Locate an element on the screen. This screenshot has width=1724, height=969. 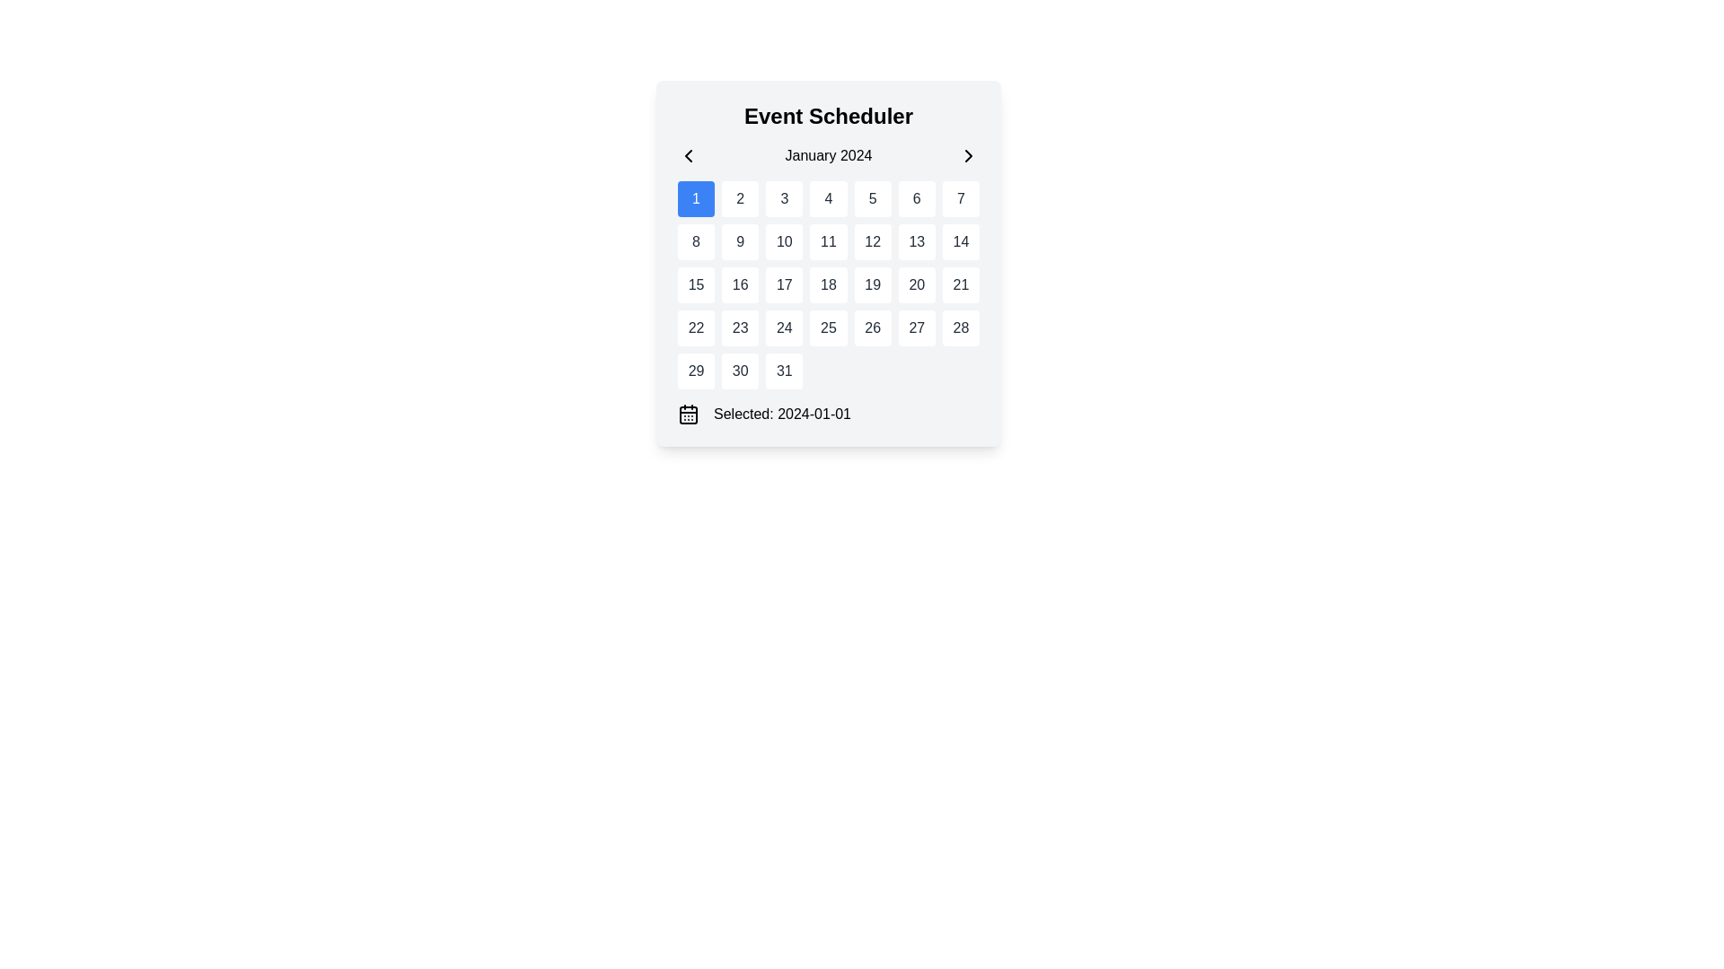
the square button with rounded borders and the number '9' centered within it is located at coordinates (740, 242).